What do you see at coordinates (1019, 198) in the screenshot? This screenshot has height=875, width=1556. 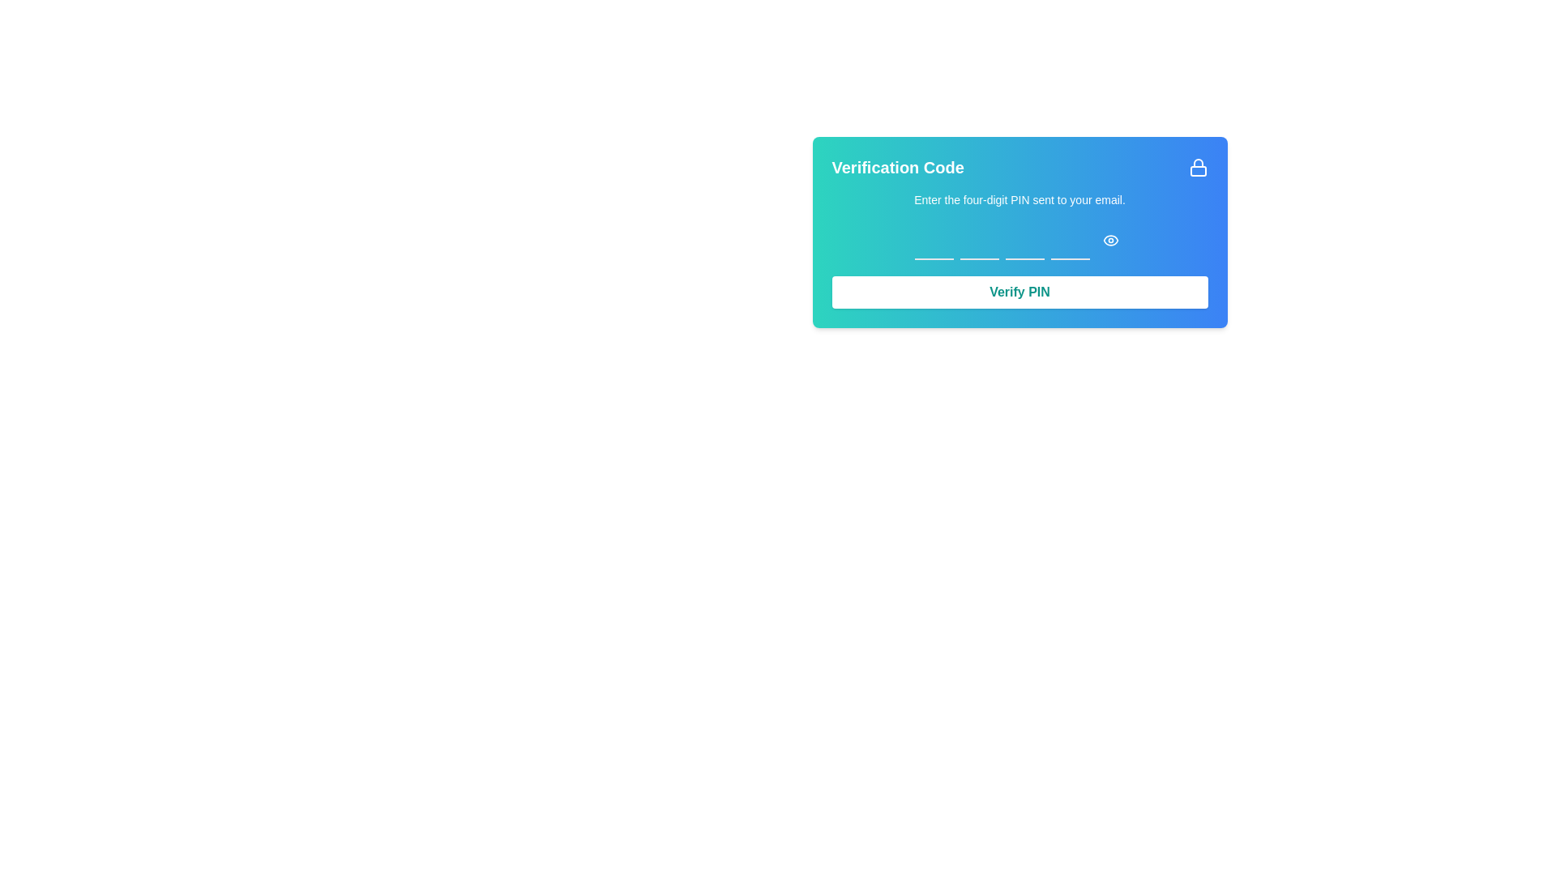 I see `the static text label that instructs the user to 'Enter the four-digit PIN sent to your email.' This label is centrally aligned and situated below the title 'Verification Code'` at bounding box center [1019, 198].